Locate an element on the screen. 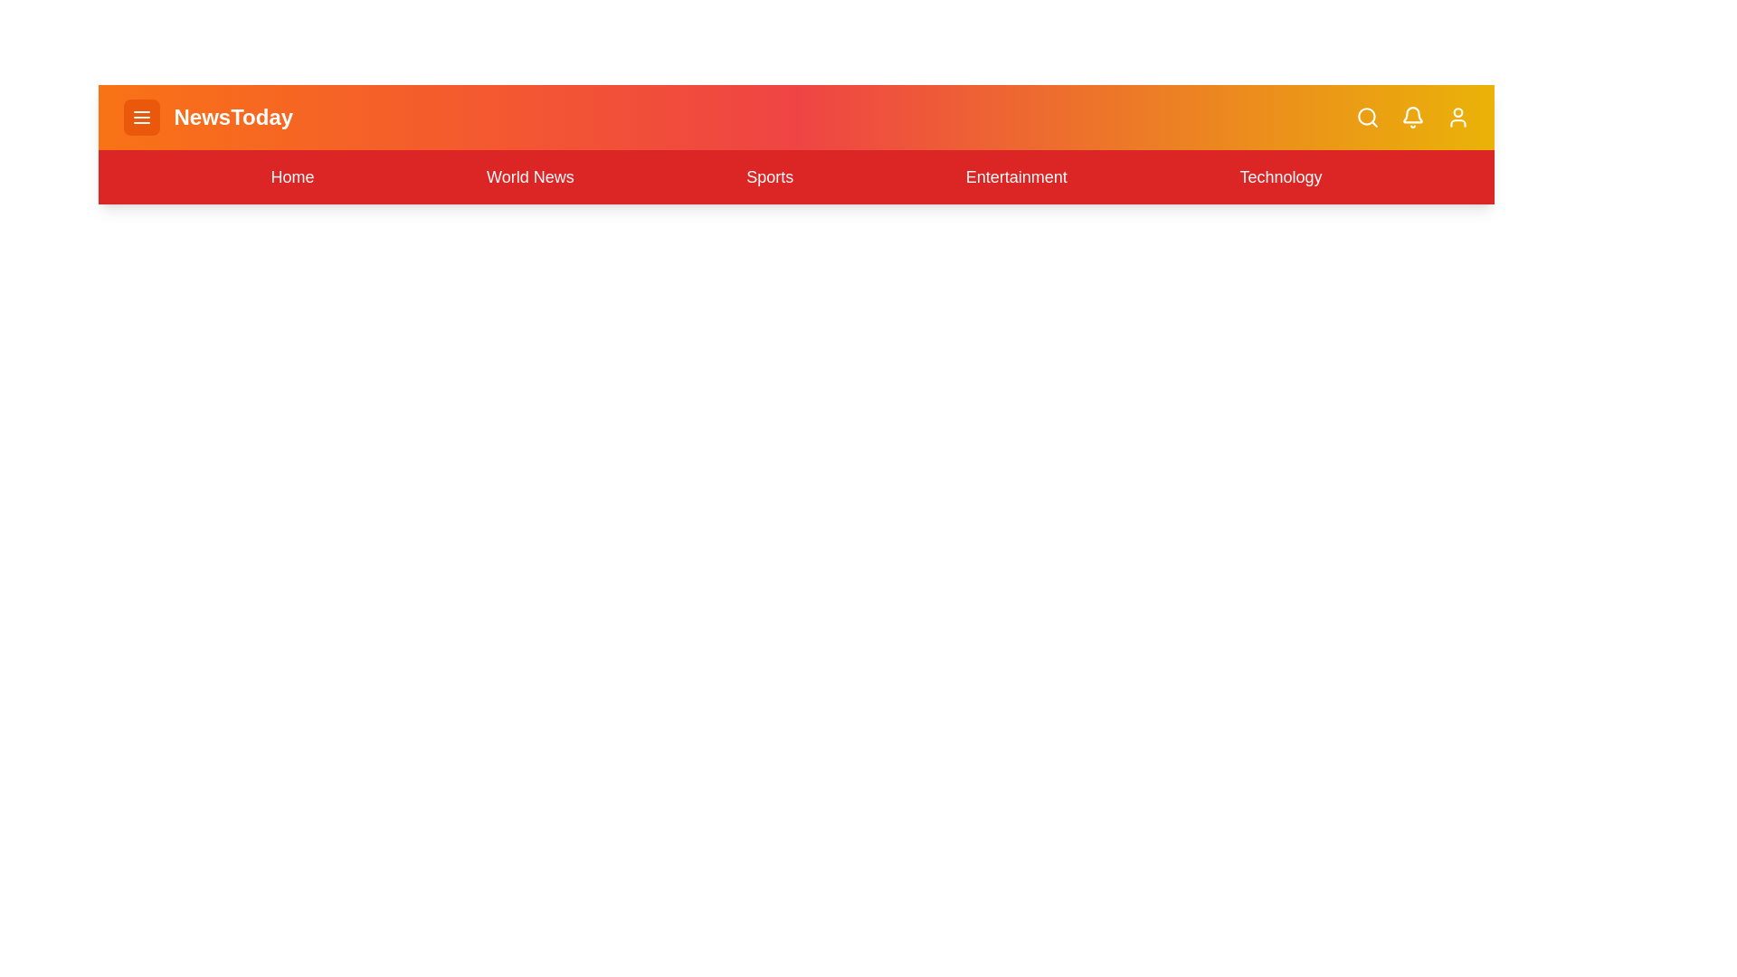 The height and width of the screenshot is (977, 1737). the notifications button represented by the Bell icon is located at coordinates (1411, 118).